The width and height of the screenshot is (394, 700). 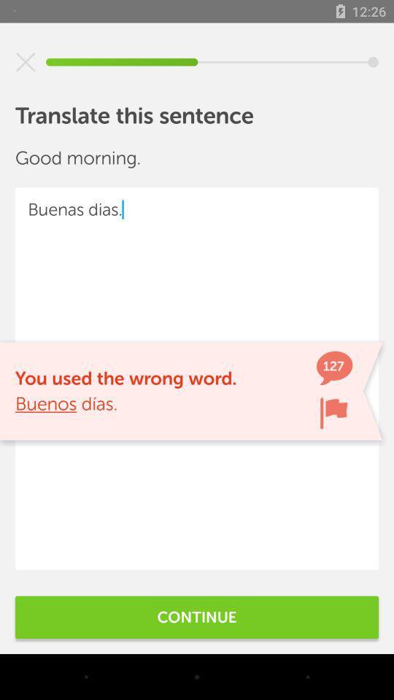 What do you see at coordinates (197, 616) in the screenshot?
I see `continue item` at bounding box center [197, 616].